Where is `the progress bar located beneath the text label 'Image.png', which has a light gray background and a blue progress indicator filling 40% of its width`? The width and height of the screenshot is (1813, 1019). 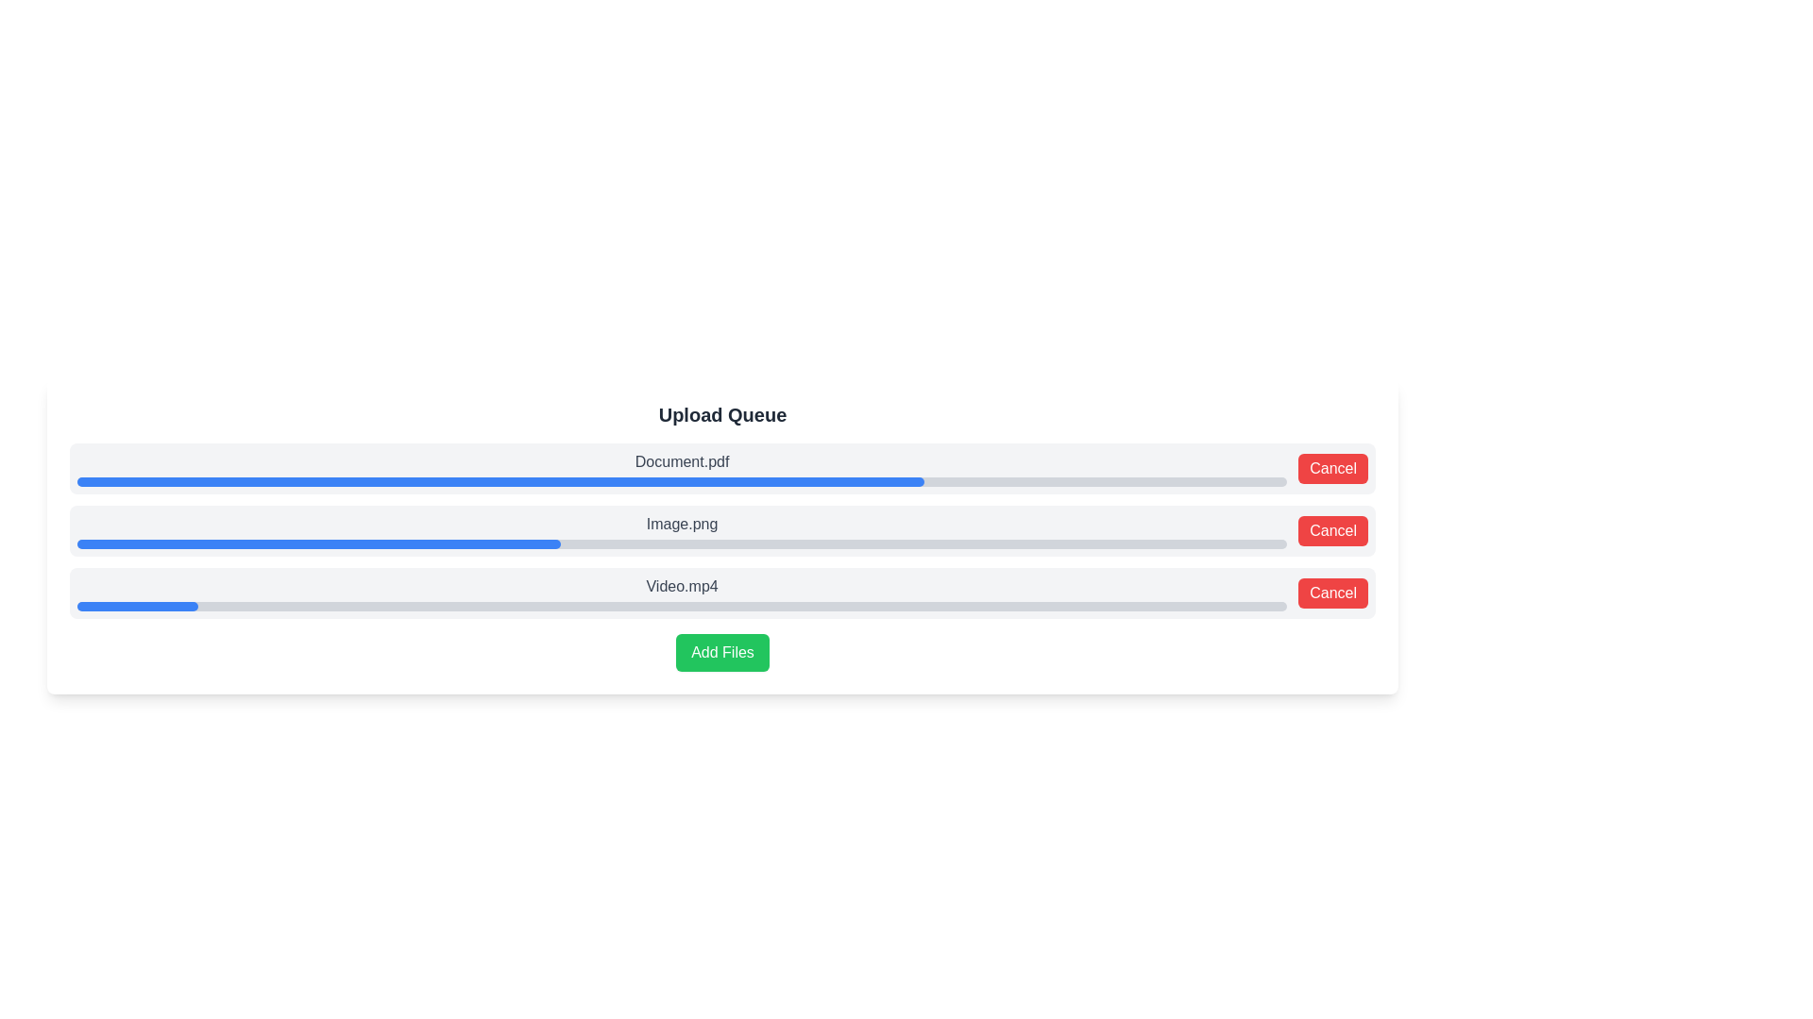 the progress bar located beneath the text label 'Image.png', which has a light gray background and a blue progress indicator filling 40% of its width is located at coordinates (681, 544).